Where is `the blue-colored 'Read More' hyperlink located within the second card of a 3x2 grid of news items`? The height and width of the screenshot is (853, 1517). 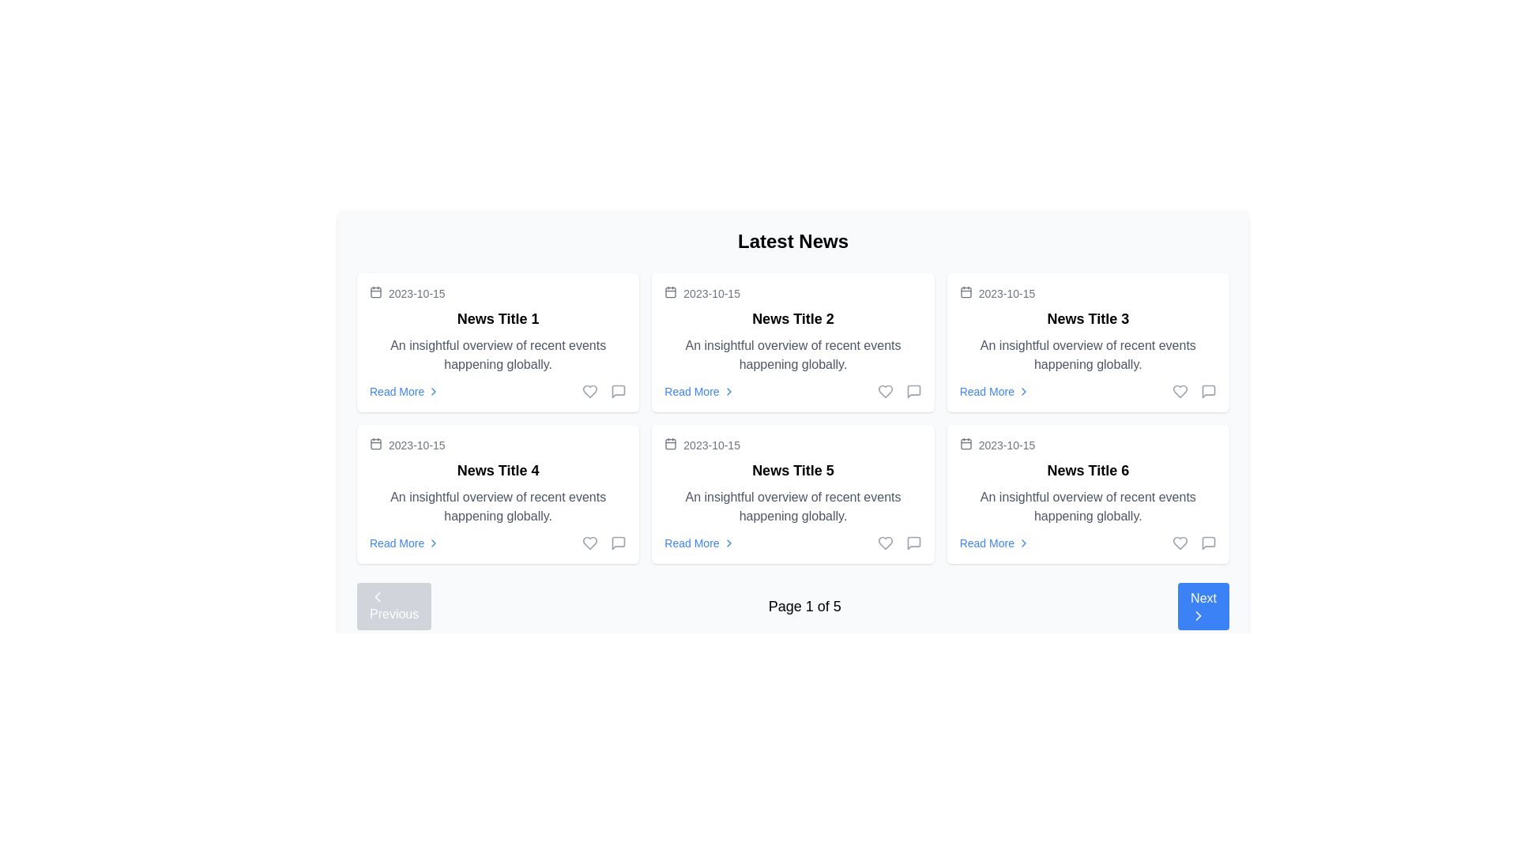
the blue-colored 'Read More' hyperlink located within the second card of a 3x2 grid of news items is located at coordinates (691, 391).